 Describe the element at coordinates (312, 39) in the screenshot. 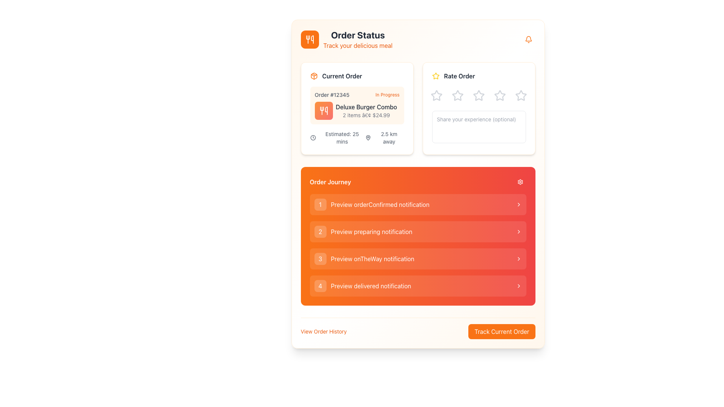

I see `graphical icon resembling part of a utensil, styled in white against an orange background, located at the top-left corner next to 'Order Status'` at that location.